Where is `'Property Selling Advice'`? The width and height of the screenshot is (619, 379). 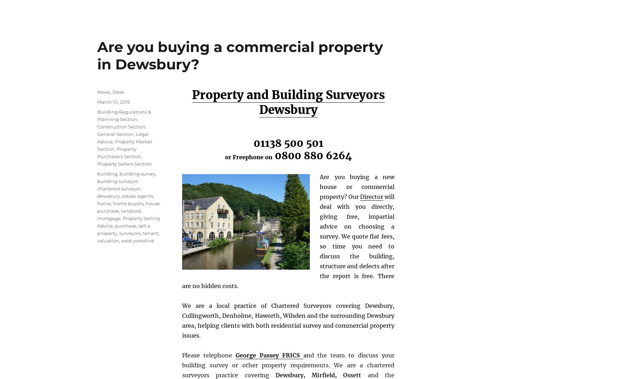 'Property Selling Advice' is located at coordinates (128, 221).